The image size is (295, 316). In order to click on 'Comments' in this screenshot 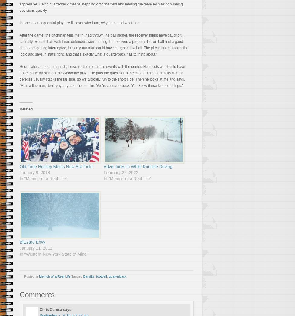, I will do `click(20, 294)`.